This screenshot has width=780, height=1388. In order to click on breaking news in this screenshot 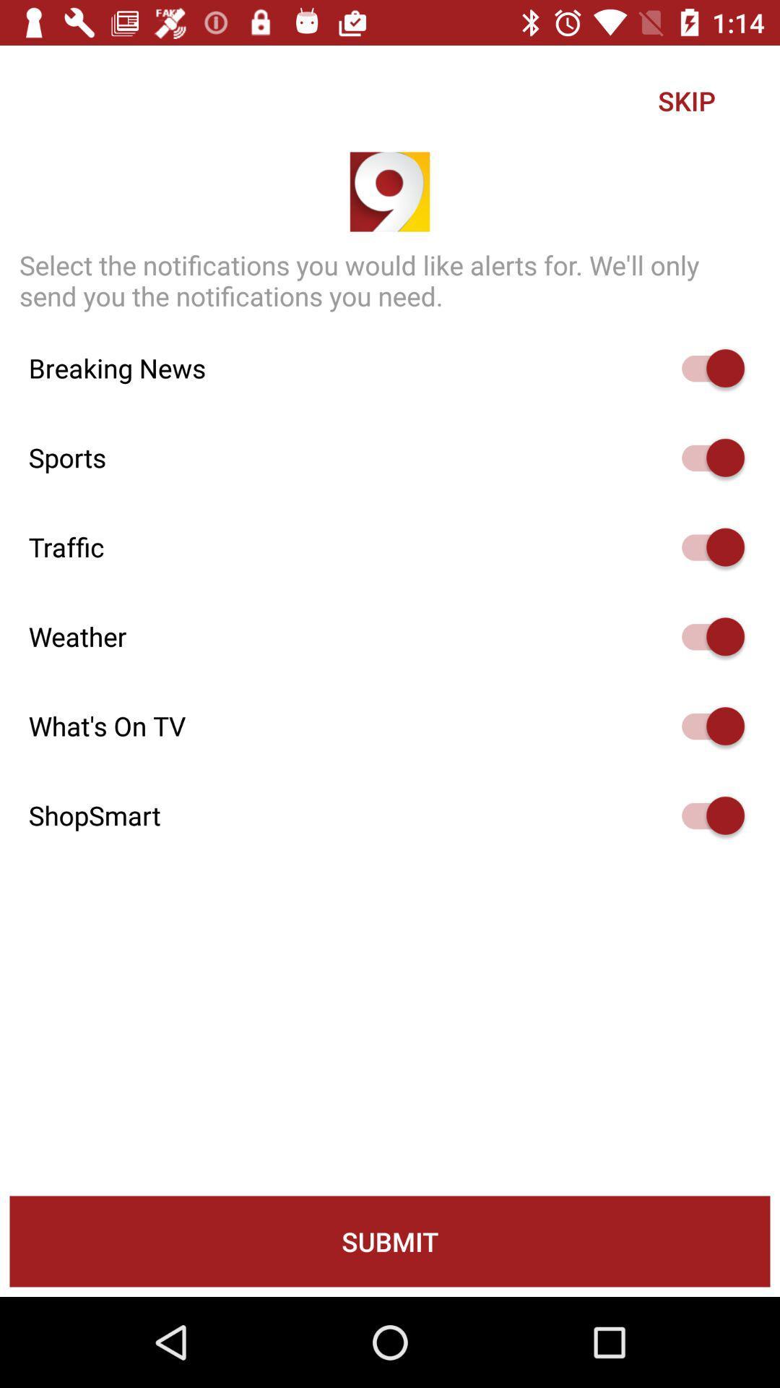, I will do `click(706, 368)`.